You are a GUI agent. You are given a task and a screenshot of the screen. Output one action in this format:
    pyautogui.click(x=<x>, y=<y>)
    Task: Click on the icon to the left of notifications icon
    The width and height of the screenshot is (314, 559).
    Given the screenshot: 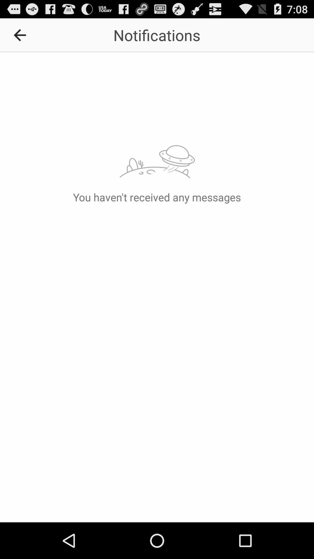 What is the action you would take?
    pyautogui.click(x=22, y=35)
    